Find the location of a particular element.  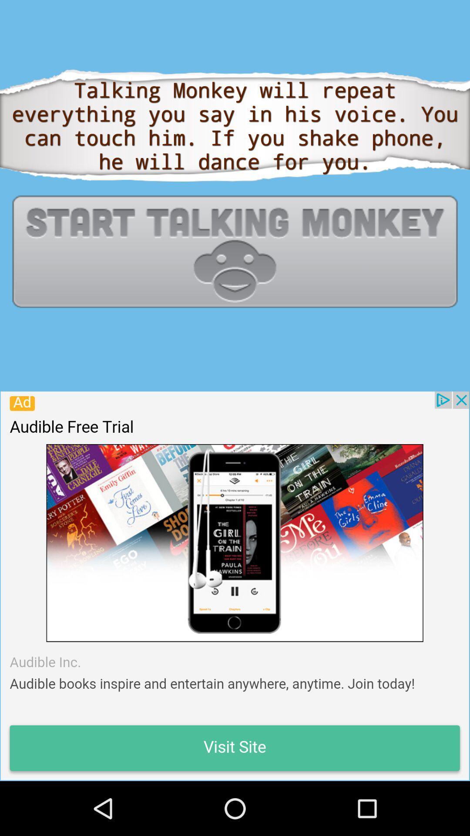

start program is located at coordinates (235, 251).